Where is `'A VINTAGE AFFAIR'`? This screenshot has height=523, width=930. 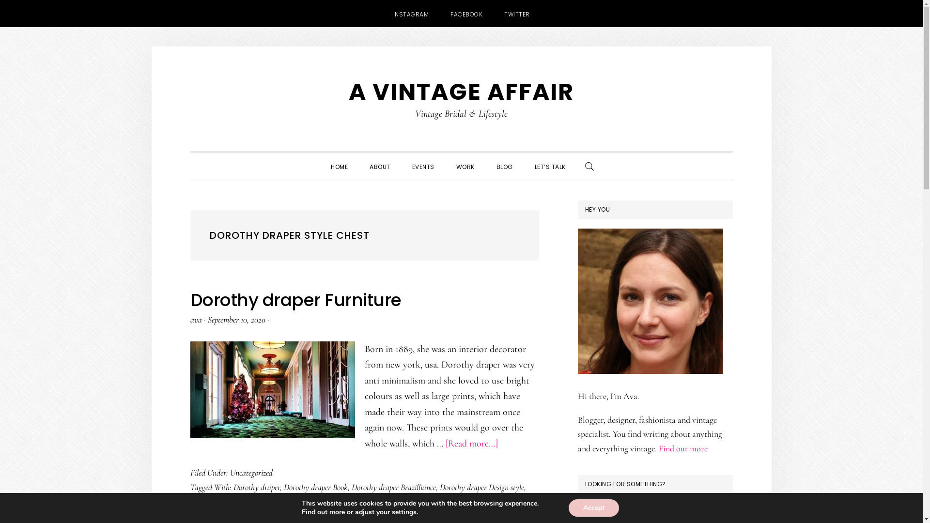
'A VINTAGE AFFAIR' is located at coordinates (461, 92).